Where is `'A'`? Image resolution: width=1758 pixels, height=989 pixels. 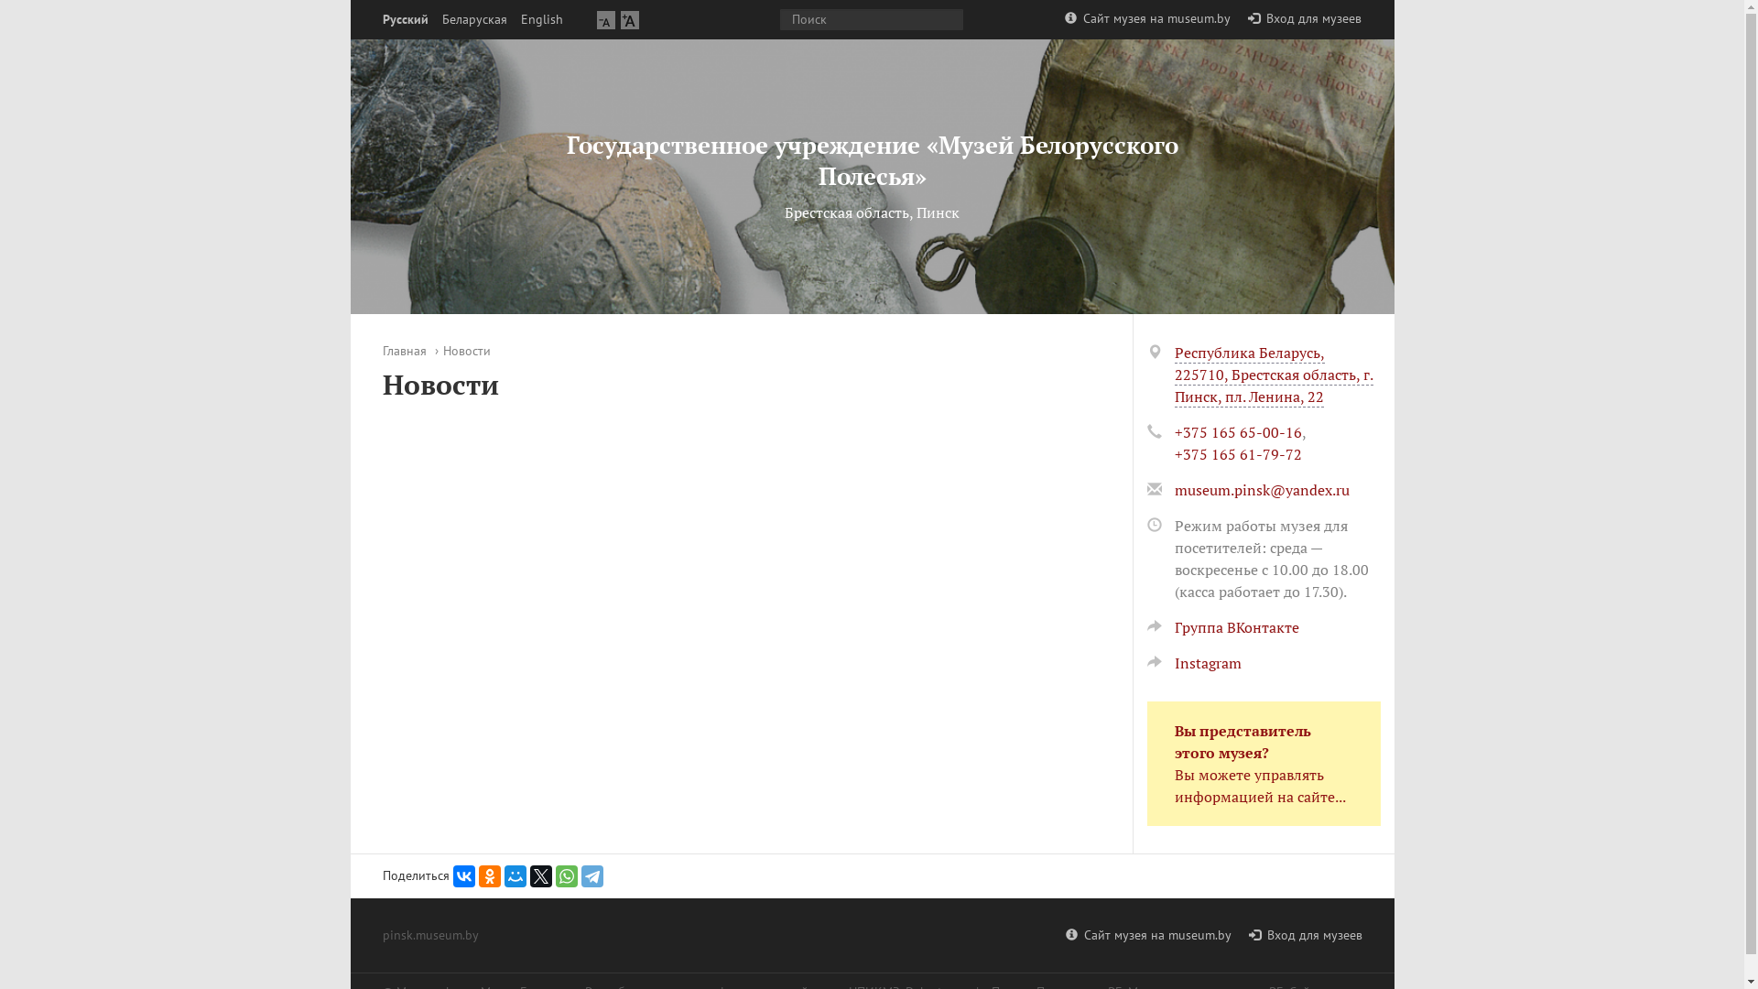 'A' is located at coordinates (629, 19).